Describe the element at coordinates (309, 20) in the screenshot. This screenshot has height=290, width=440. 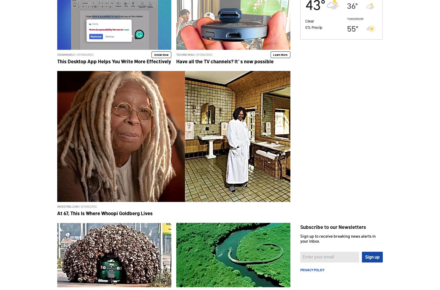
I see `'Clear'` at that location.